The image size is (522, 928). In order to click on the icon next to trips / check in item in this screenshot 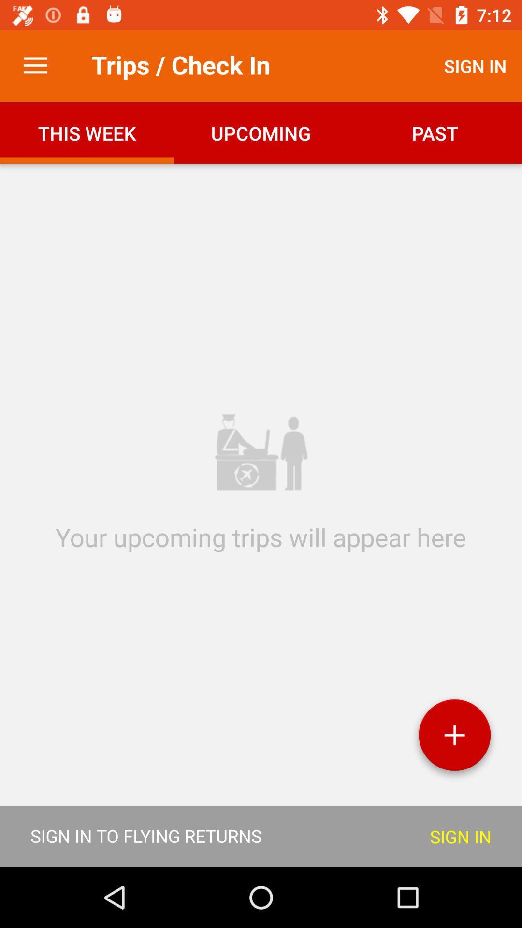, I will do `click(35, 65)`.